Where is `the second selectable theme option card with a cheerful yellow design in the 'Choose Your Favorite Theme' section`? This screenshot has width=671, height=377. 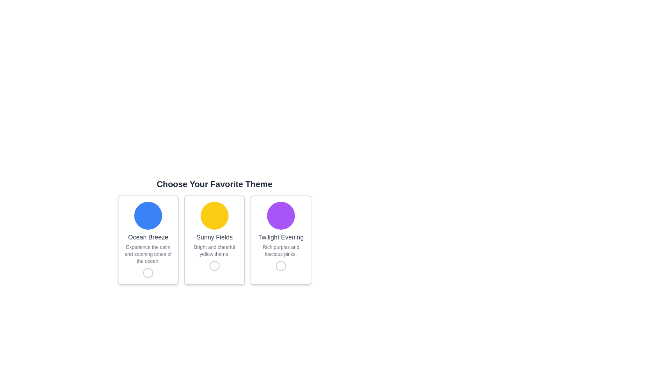 the second selectable theme option card with a cheerful yellow design in the 'Choose Your Favorite Theme' section is located at coordinates (214, 239).